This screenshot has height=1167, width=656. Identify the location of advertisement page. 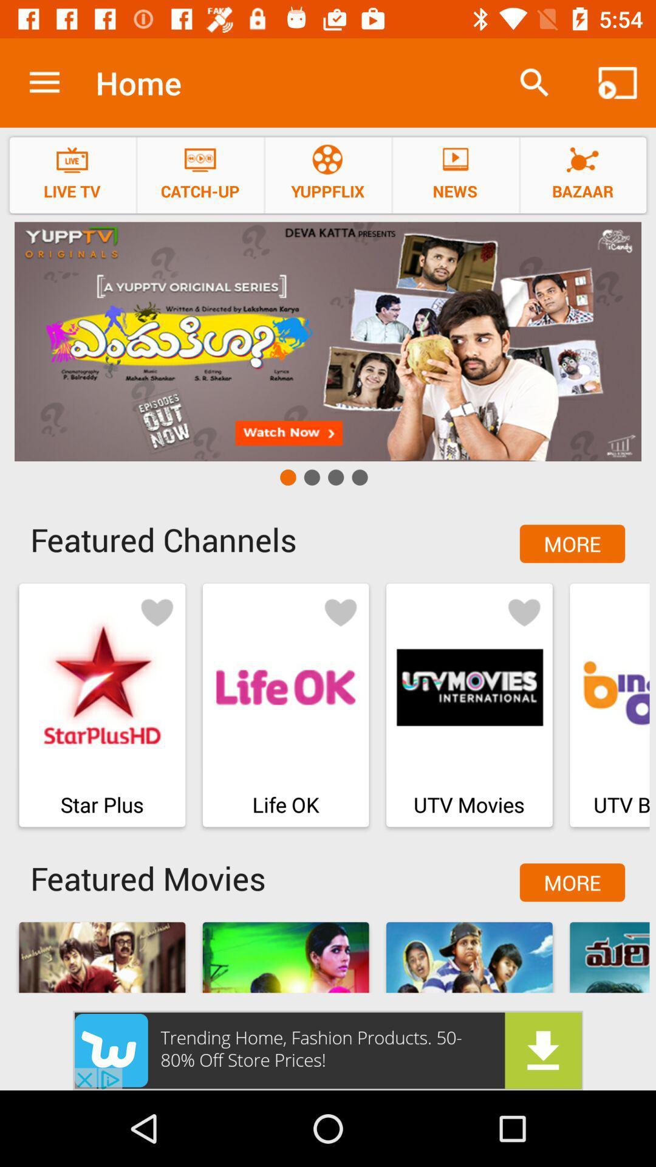
(328, 1050).